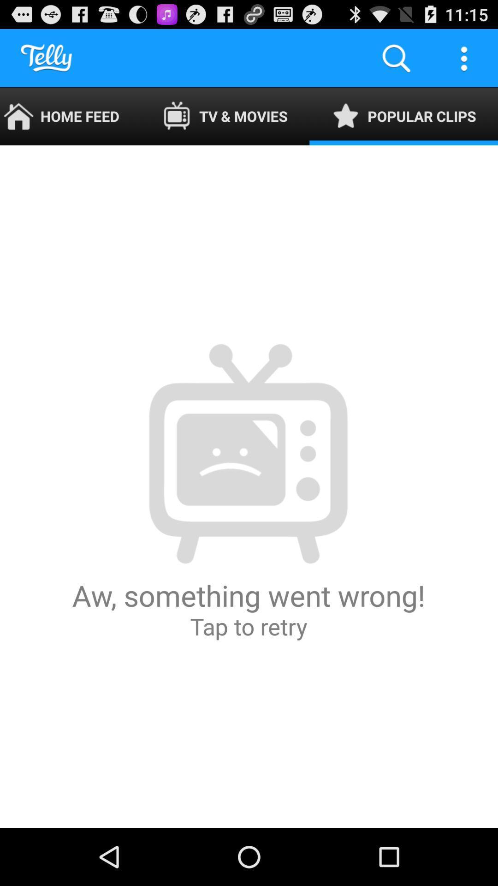 The height and width of the screenshot is (886, 498). Describe the element at coordinates (396, 57) in the screenshot. I see `app to the right of tv & movies icon` at that location.